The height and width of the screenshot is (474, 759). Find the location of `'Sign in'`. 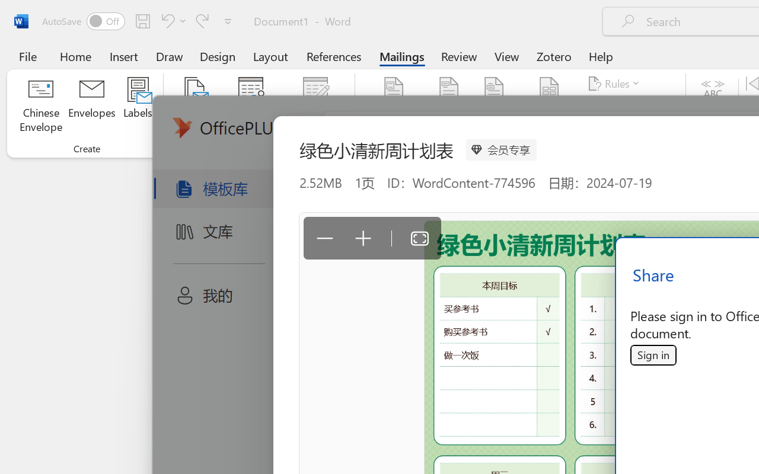

'Sign in' is located at coordinates (652, 354).